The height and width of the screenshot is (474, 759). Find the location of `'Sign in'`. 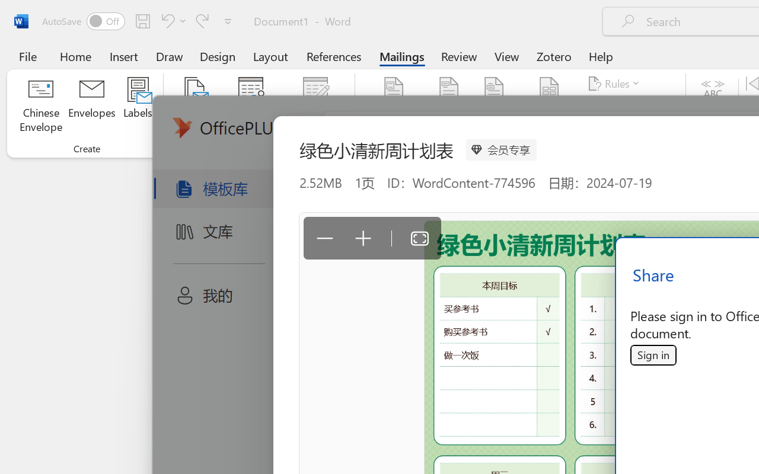

'Sign in' is located at coordinates (652, 354).